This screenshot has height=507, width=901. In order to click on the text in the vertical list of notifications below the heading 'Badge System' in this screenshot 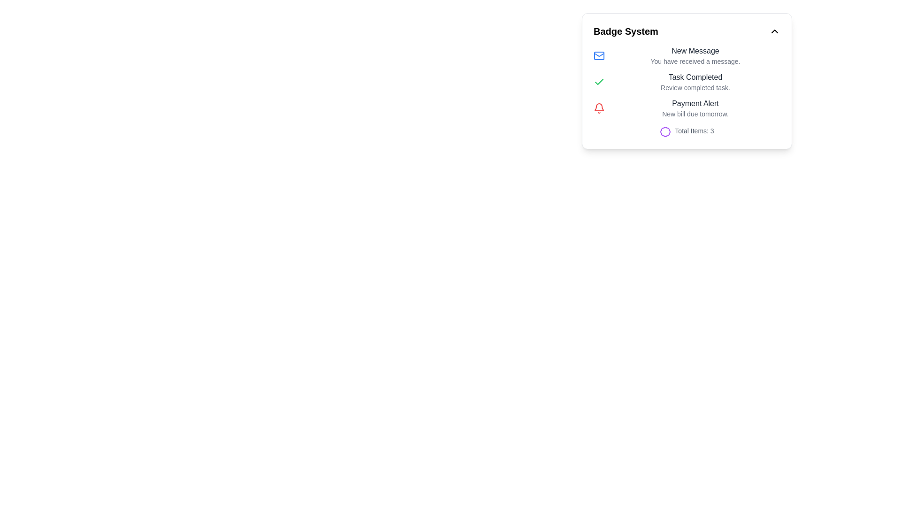, I will do `click(687, 81)`.